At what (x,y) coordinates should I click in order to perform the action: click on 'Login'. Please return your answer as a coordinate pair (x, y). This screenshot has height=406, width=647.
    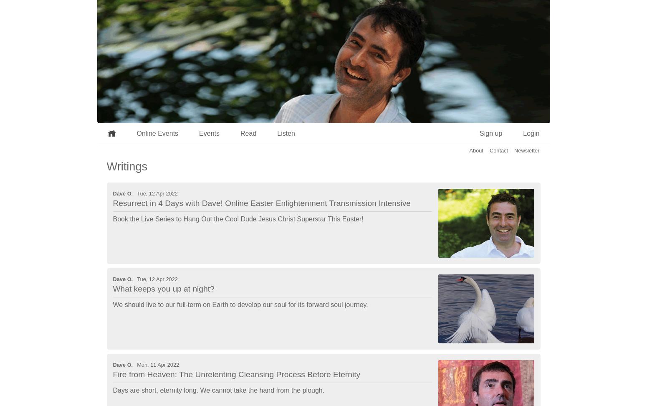
    Looking at the image, I should click on (523, 133).